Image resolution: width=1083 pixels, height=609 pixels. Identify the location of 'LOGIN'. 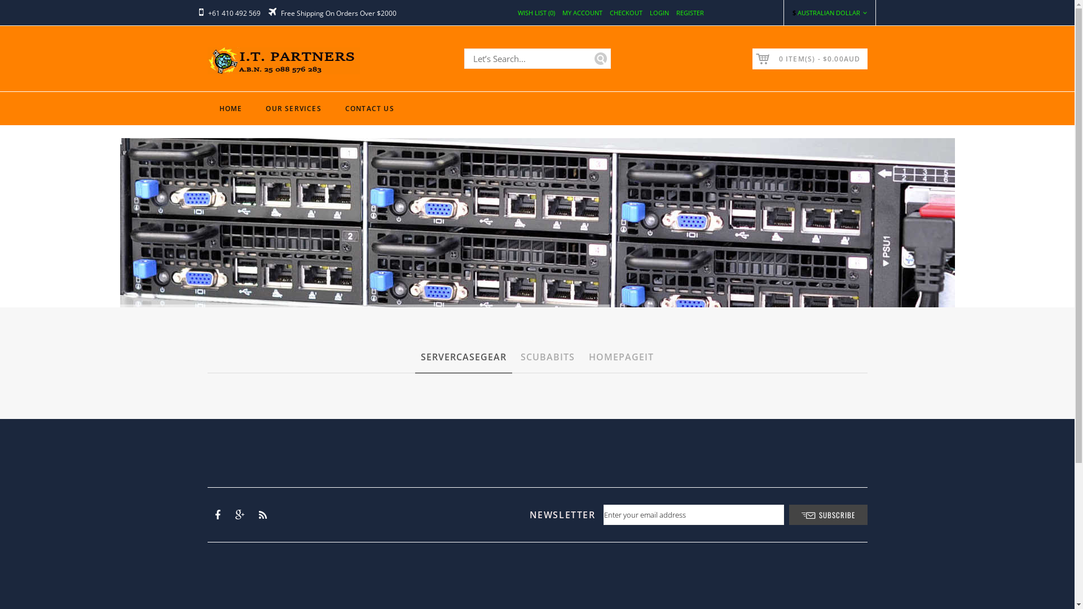
(659, 12).